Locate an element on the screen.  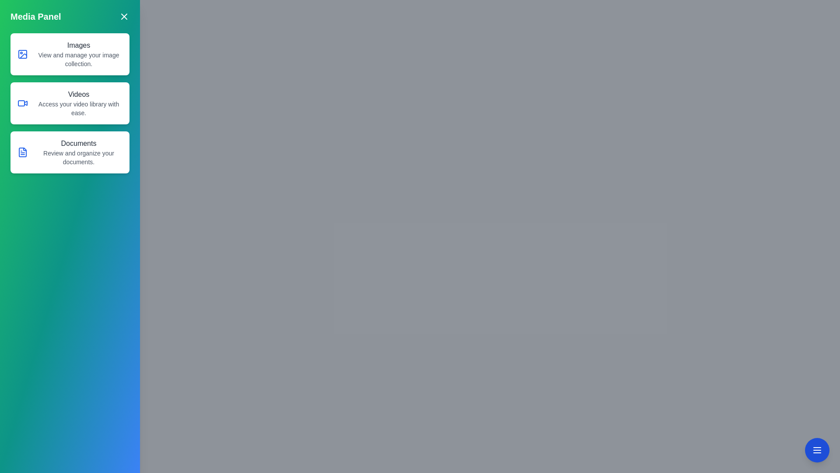
the close button in the top-right corner of the 'Media Panel' is located at coordinates (123, 17).